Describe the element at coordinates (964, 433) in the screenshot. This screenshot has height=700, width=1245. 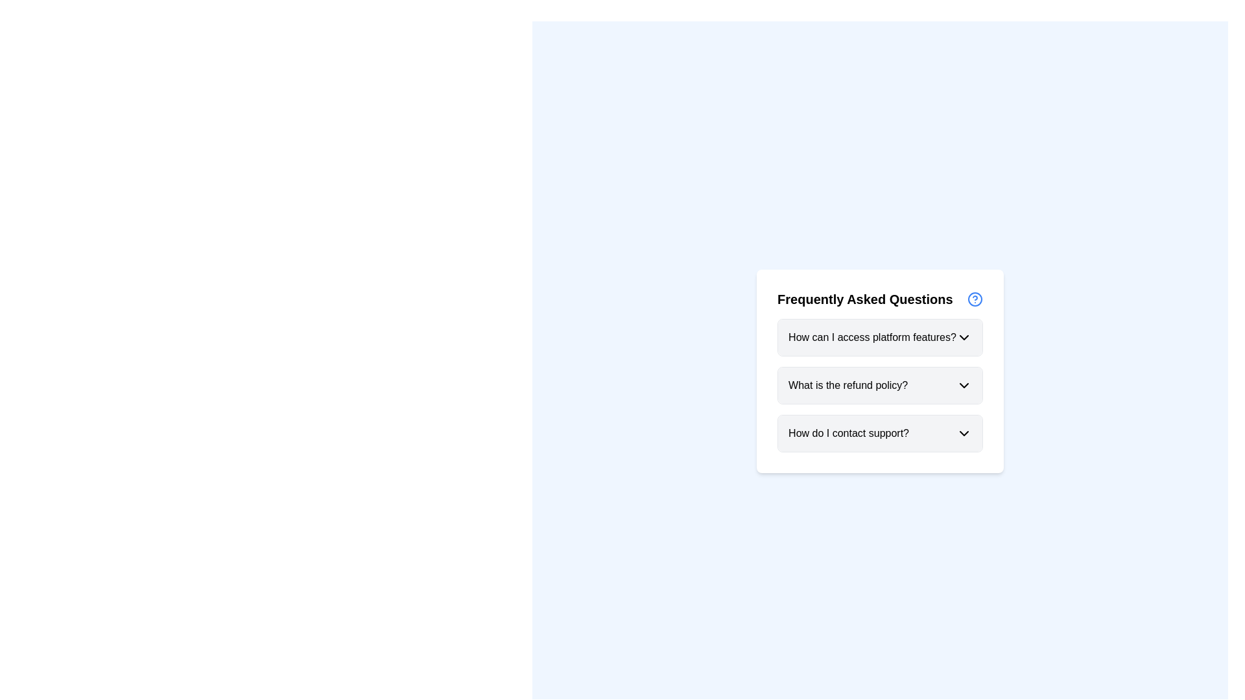
I see `the dropdown toggle icon located on the right side of the 'How do I contact support?' text` at that location.